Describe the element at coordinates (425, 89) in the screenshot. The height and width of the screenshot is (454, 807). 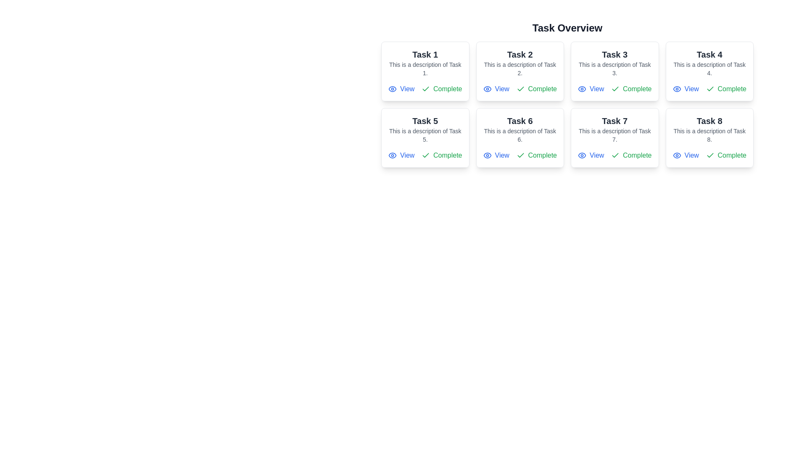
I see `the clickable action group containing 'View' and 'Complete' buttons located at the bottom of the 'Task 1' card layout` at that location.